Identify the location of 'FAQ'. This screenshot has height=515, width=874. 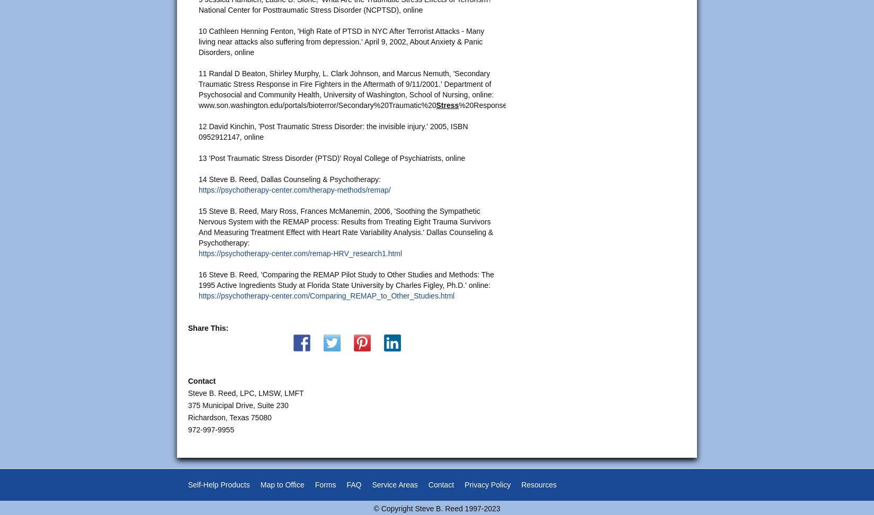
(353, 484).